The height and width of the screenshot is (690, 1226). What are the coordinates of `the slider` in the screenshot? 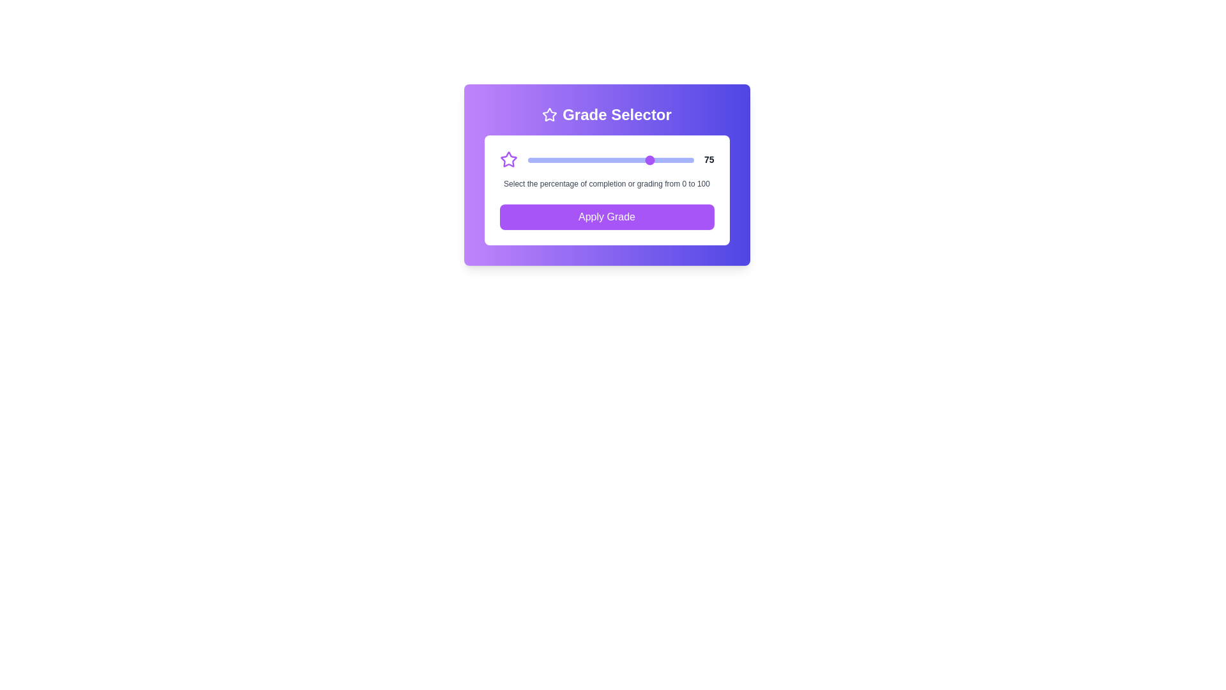 It's located at (656, 159).